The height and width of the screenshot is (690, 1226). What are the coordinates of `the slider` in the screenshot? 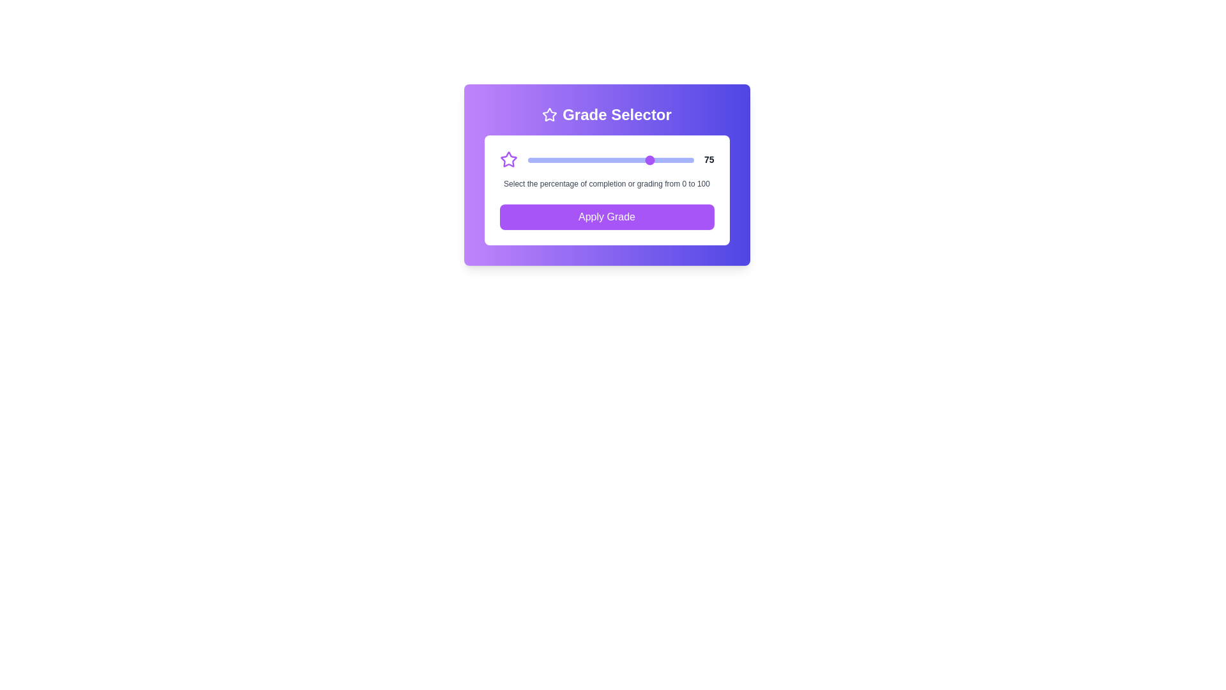 It's located at (656, 159).